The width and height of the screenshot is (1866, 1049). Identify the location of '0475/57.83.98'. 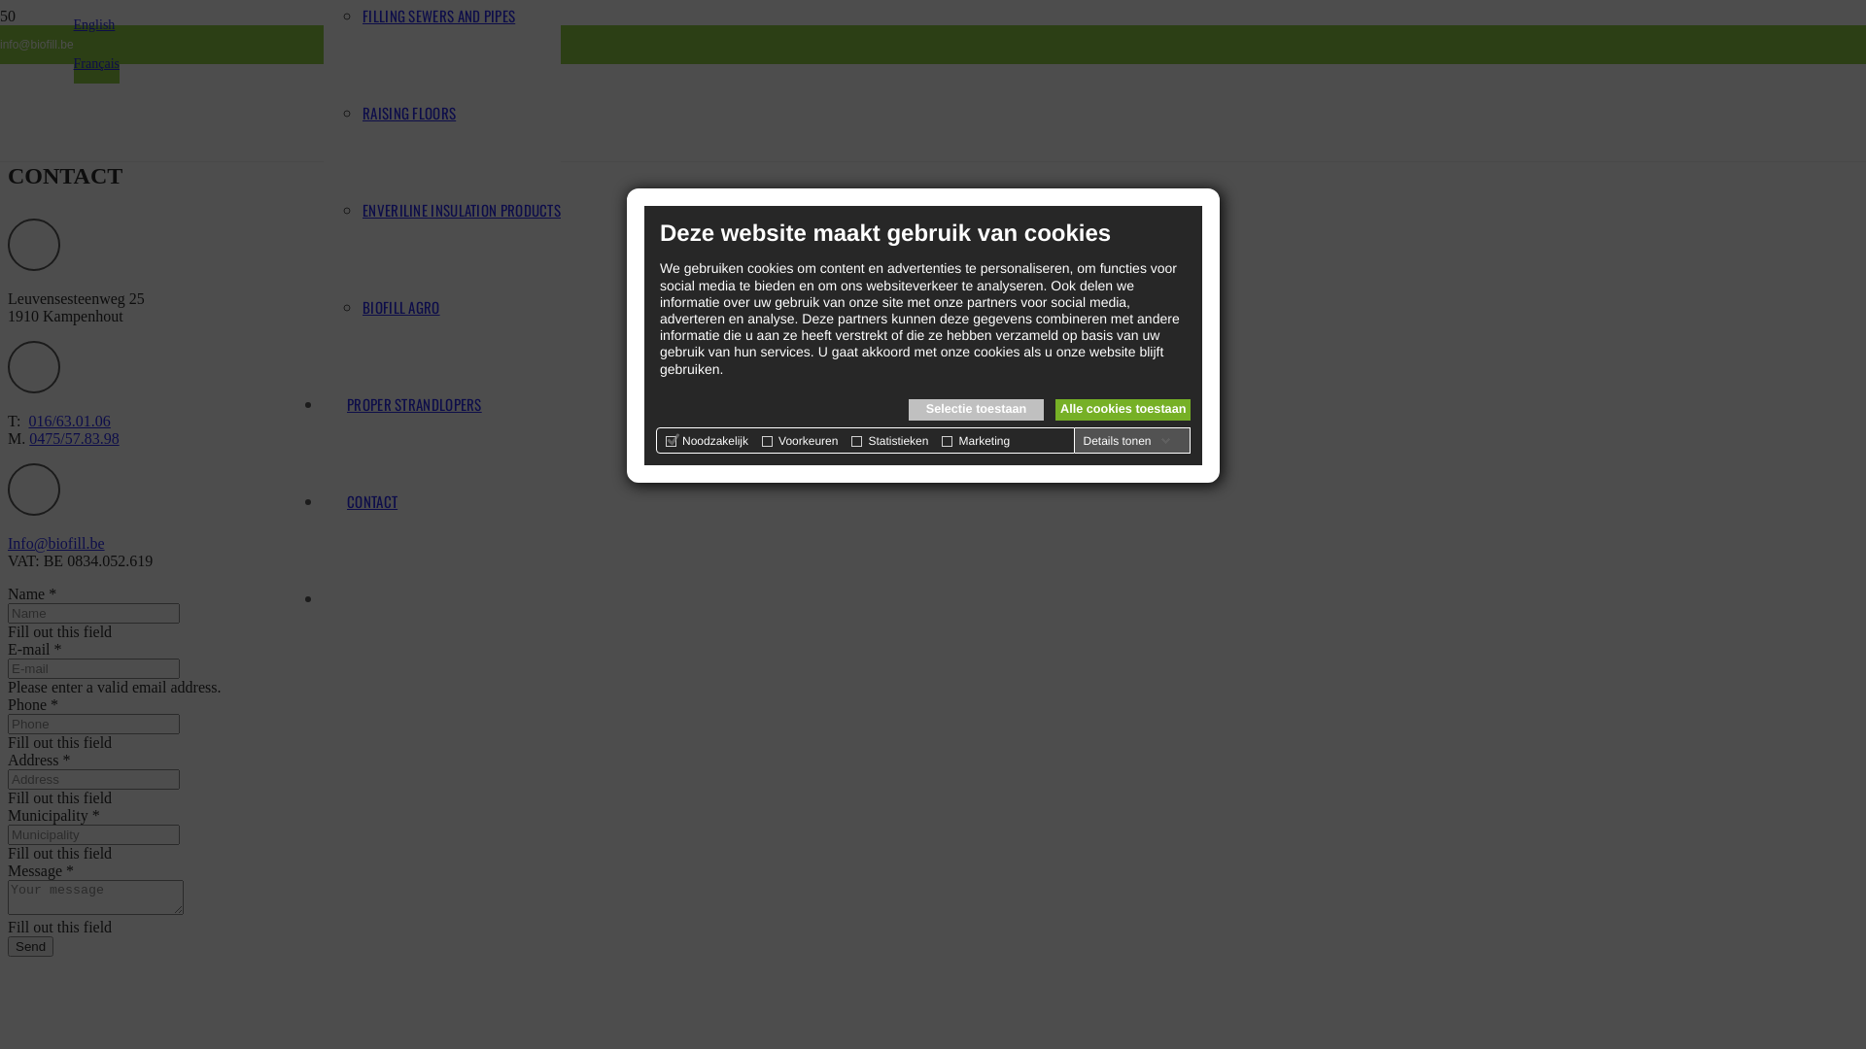
(74, 438).